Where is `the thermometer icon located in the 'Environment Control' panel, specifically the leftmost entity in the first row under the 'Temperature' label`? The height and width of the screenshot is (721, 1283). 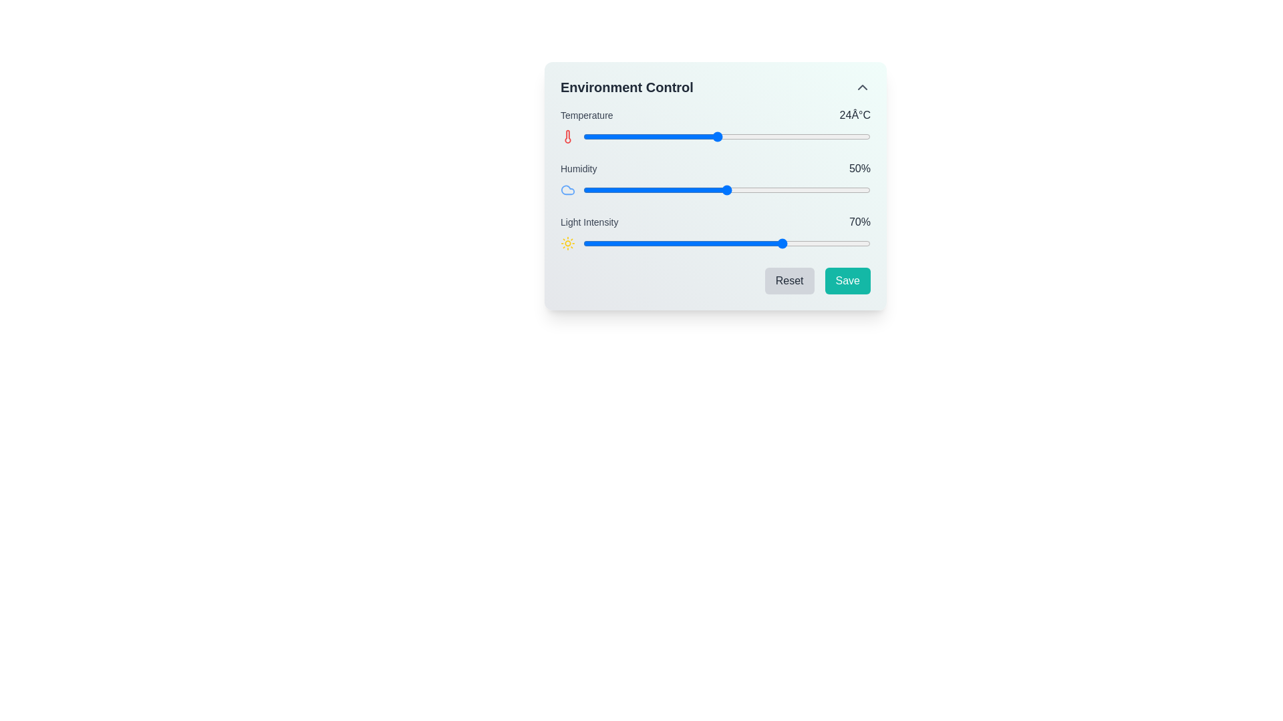 the thermometer icon located in the 'Environment Control' panel, specifically the leftmost entity in the first row under the 'Temperature' label is located at coordinates (568, 136).